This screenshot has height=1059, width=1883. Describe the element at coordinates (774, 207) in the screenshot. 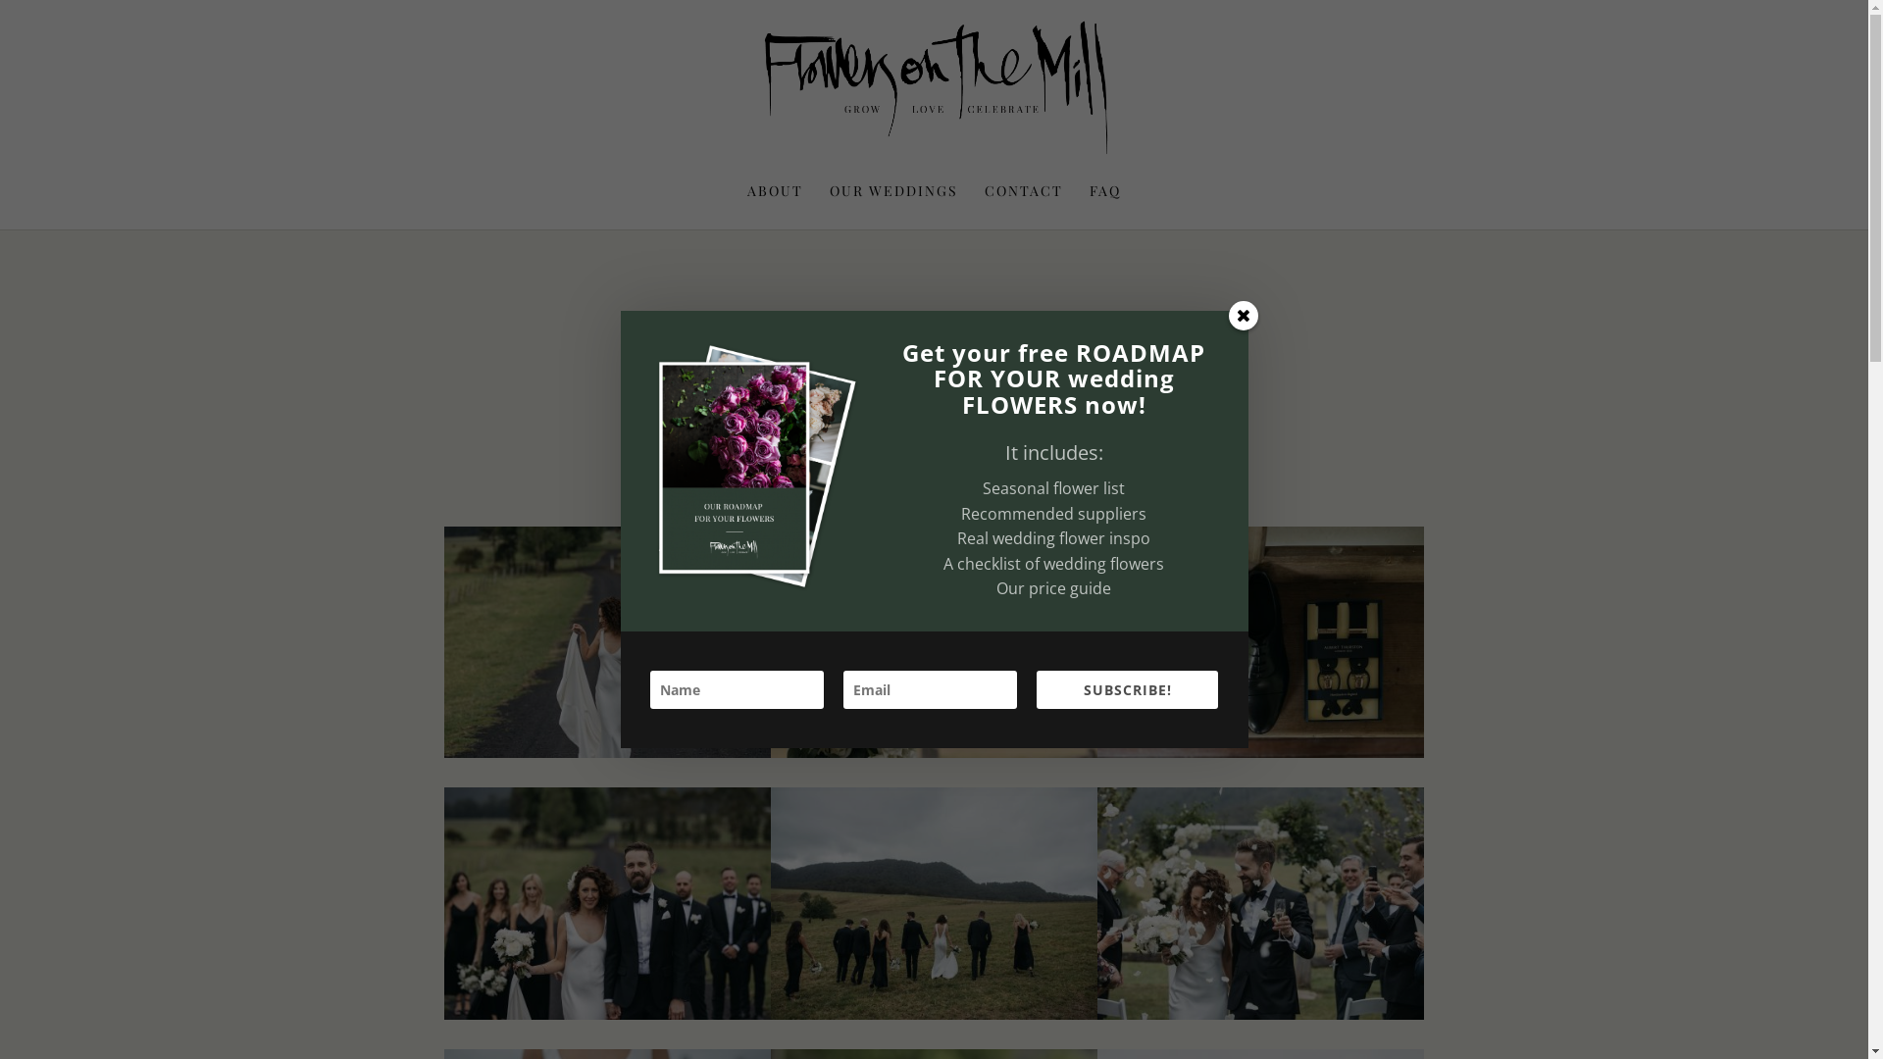

I see `'ABOUT'` at that location.